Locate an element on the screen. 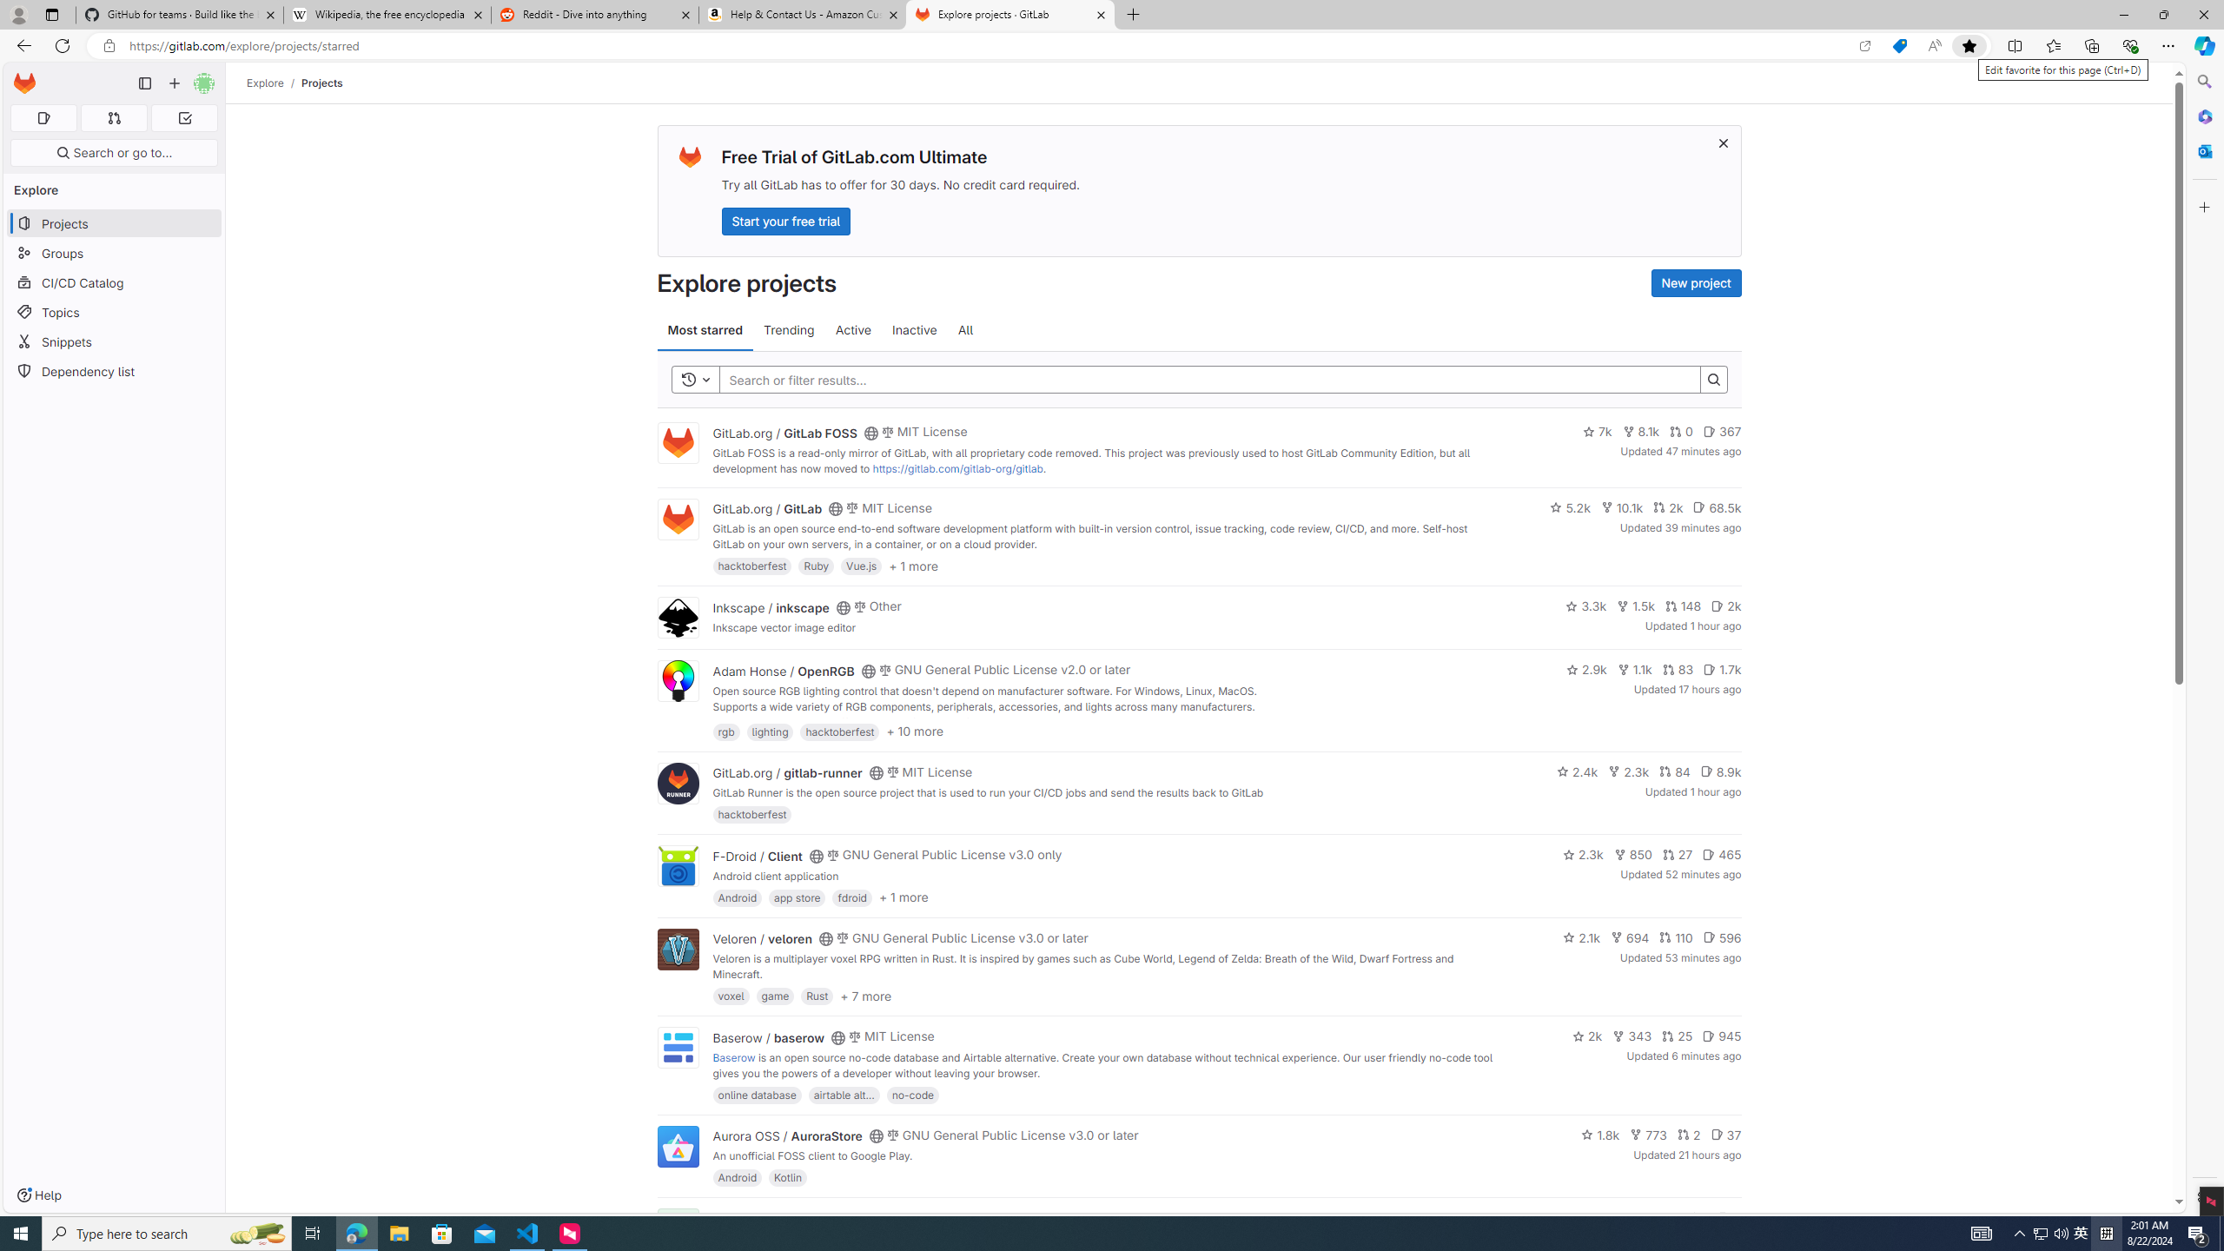 The height and width of the screenshot is (1251, 2224). 'To-Do list 0' is located at coordinates (183, 117).